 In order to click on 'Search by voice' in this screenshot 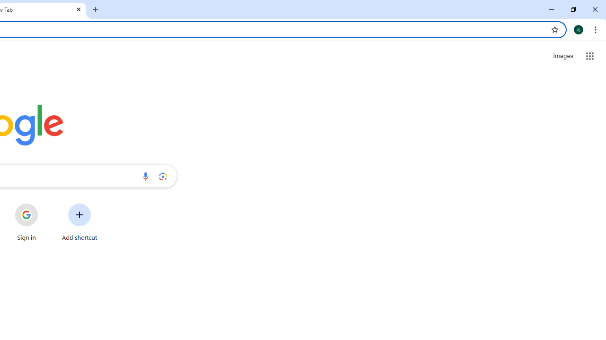, I will do `click(145, 176)`.